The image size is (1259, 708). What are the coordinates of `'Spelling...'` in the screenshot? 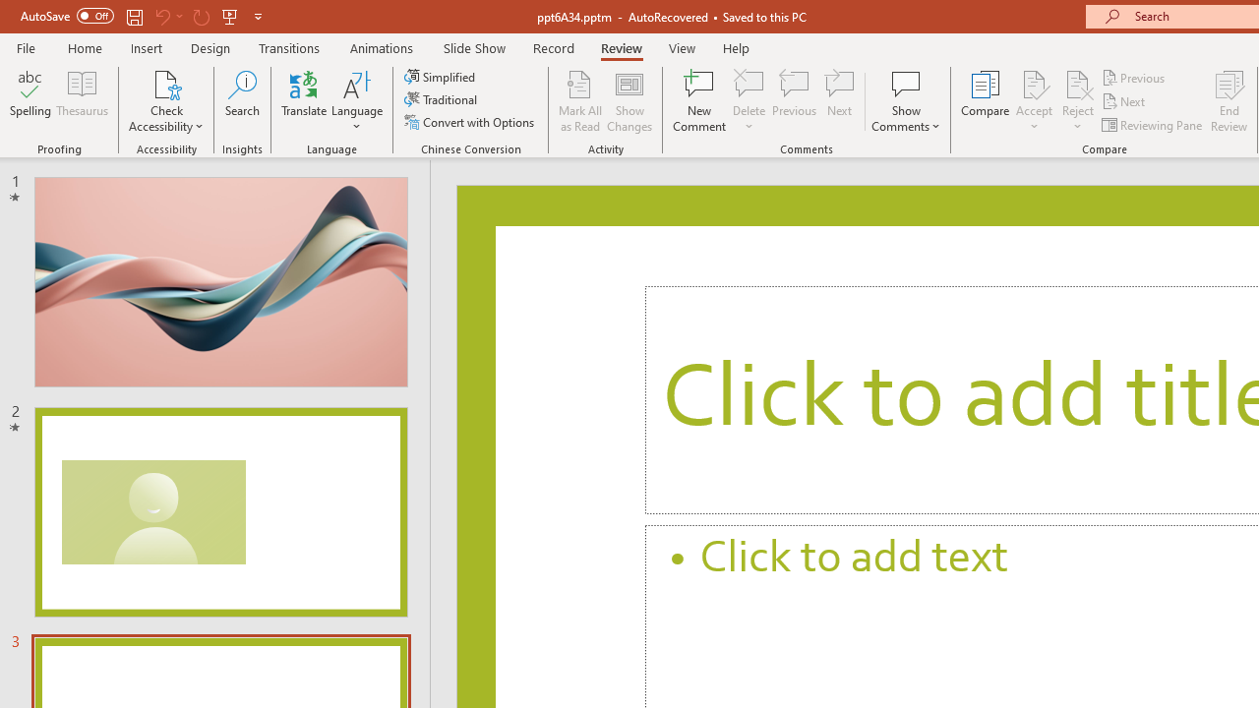 It's located at (30, 101).